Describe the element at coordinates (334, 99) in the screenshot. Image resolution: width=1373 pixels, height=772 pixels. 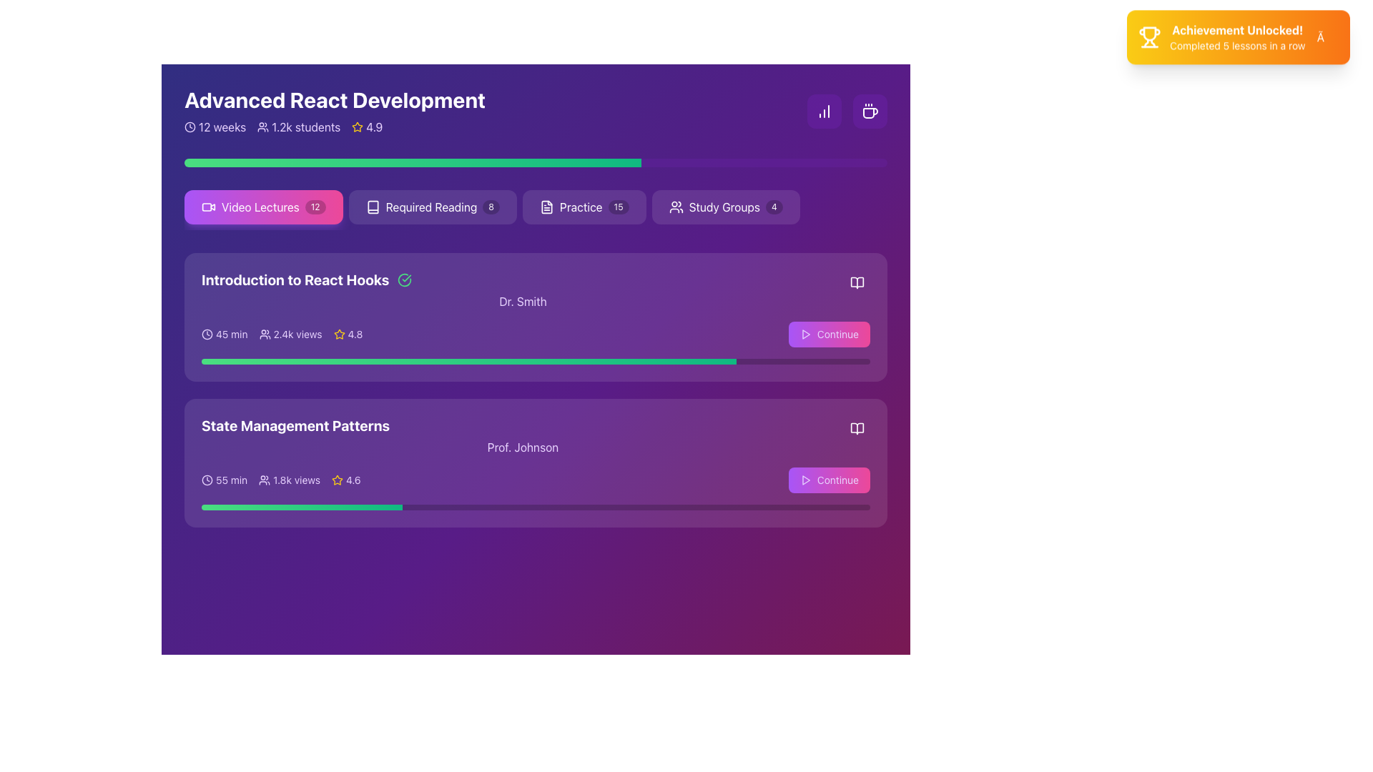
I see `the main header text for the course 'Advanced React Development', which is positioned at the top left corner of the interface` at that location.